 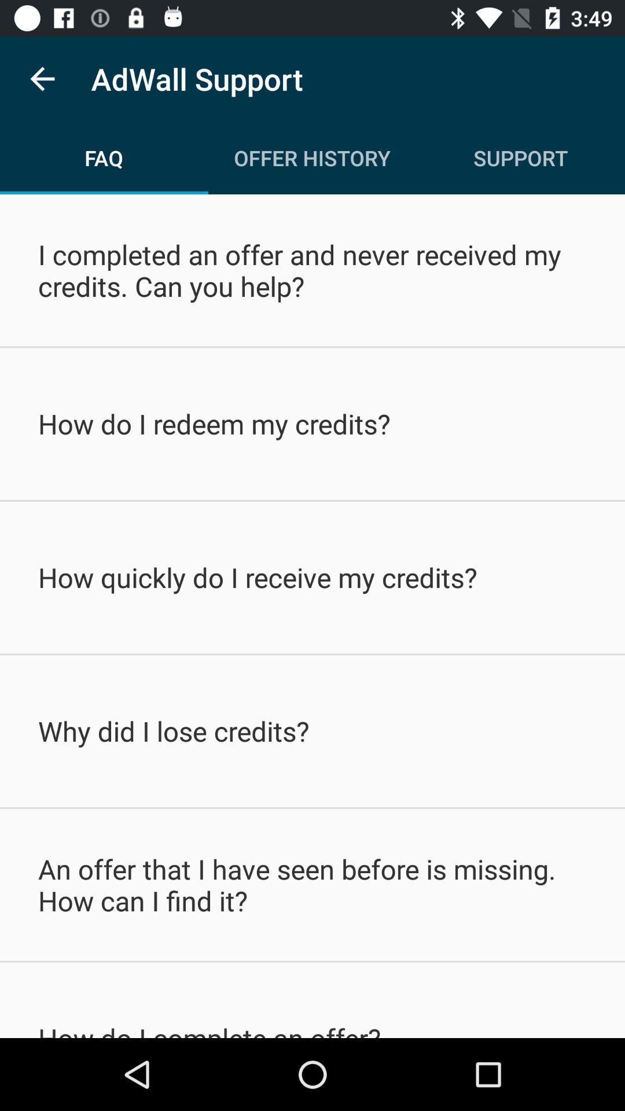 What do you see at coordinates (42, 78) in the screenshot?
I see `the icon above the faq icon` at bounding box center [42, 78].